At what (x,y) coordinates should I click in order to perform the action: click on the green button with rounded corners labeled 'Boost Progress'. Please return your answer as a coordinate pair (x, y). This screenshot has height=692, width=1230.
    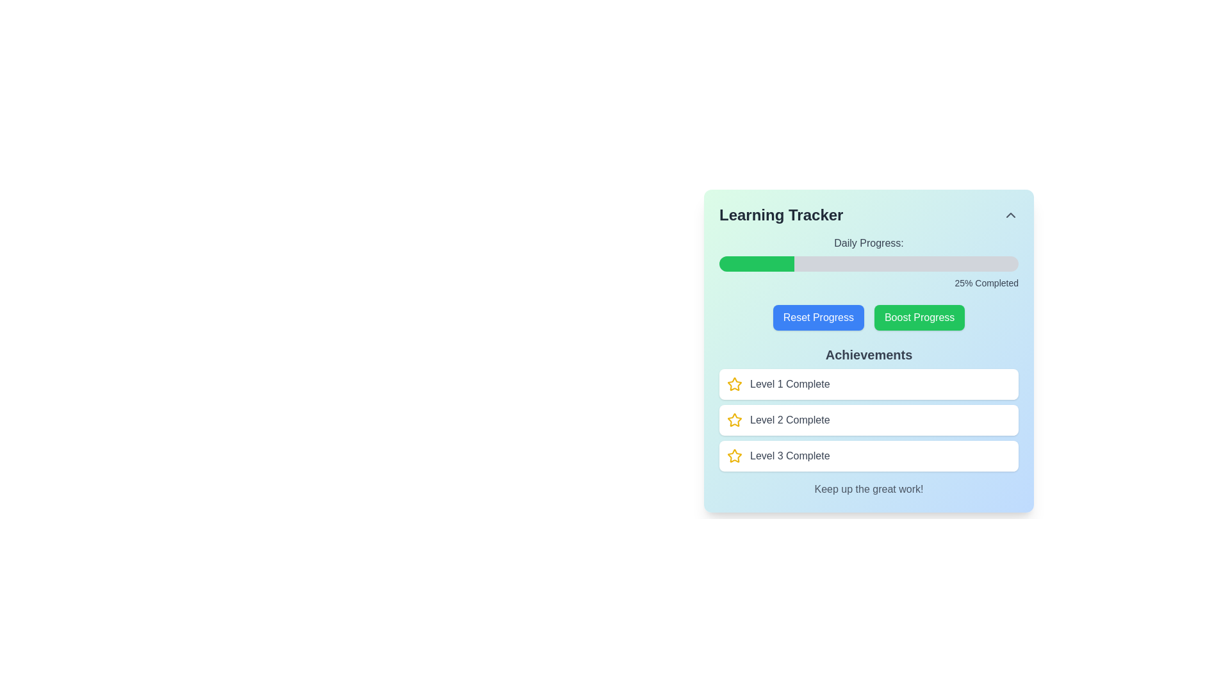
    Looking at the image, I should click on (919, 317).